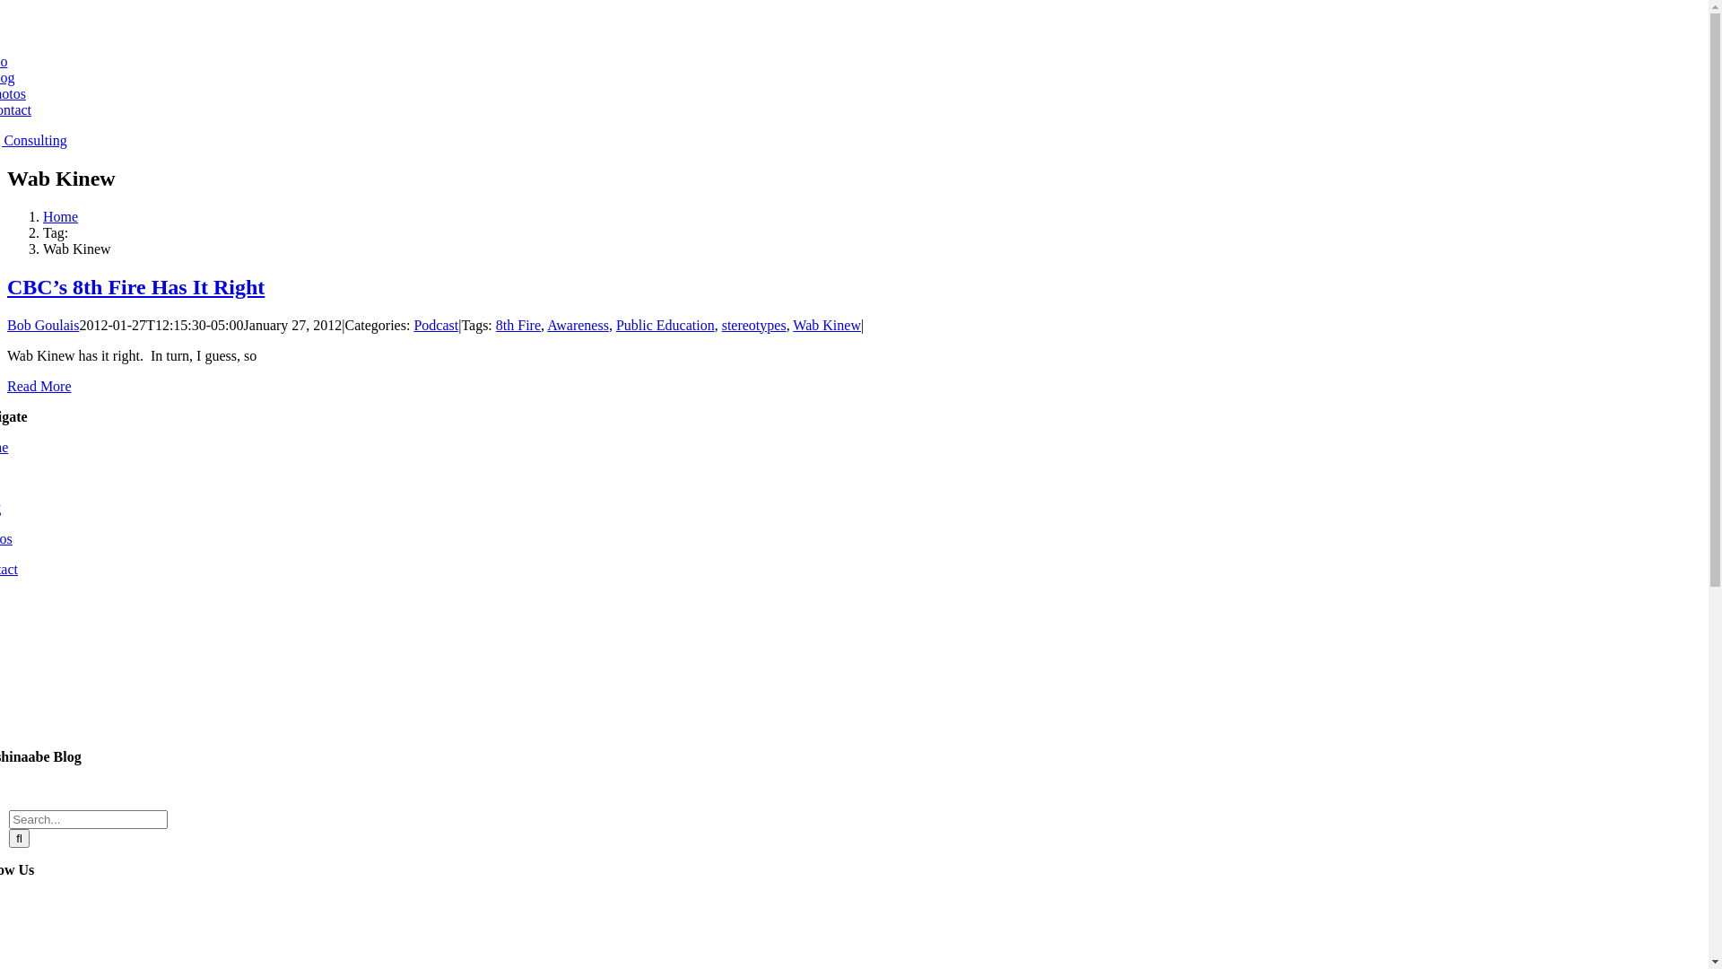 The width and height of the screenshot is (1722, 969). I want to click on 'Bob Goulais', so click(43, 325).